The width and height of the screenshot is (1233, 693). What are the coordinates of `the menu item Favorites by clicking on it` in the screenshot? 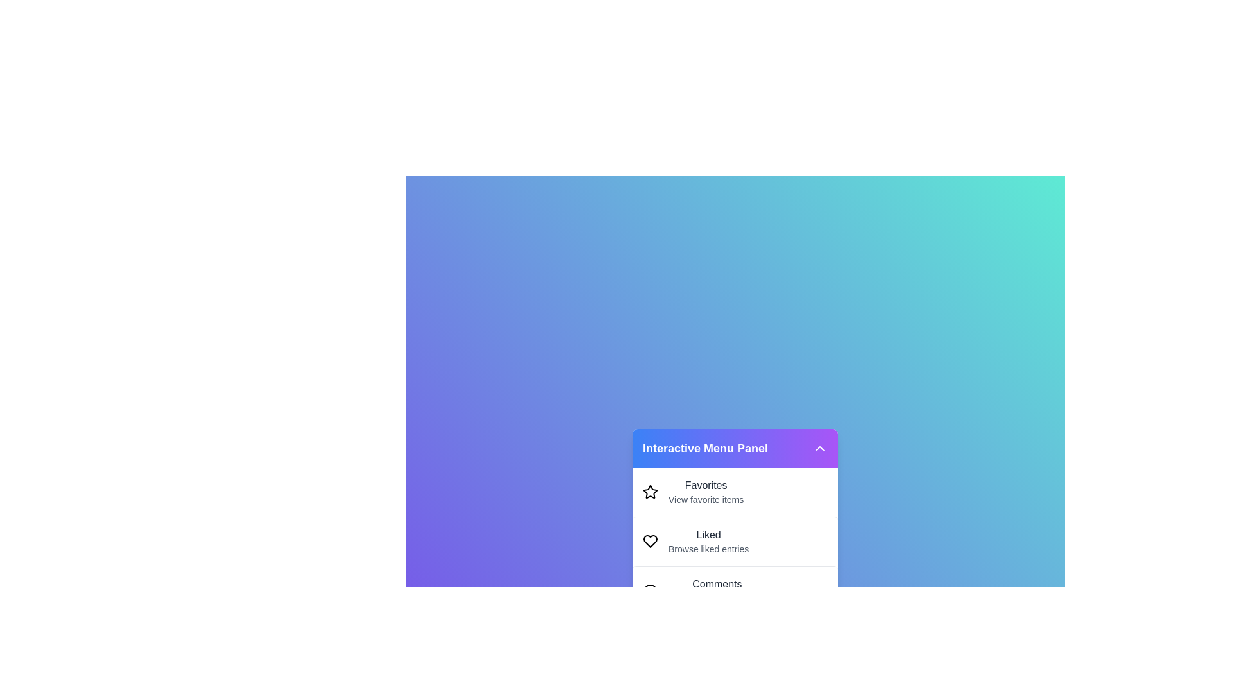 It's located at (735, 492).